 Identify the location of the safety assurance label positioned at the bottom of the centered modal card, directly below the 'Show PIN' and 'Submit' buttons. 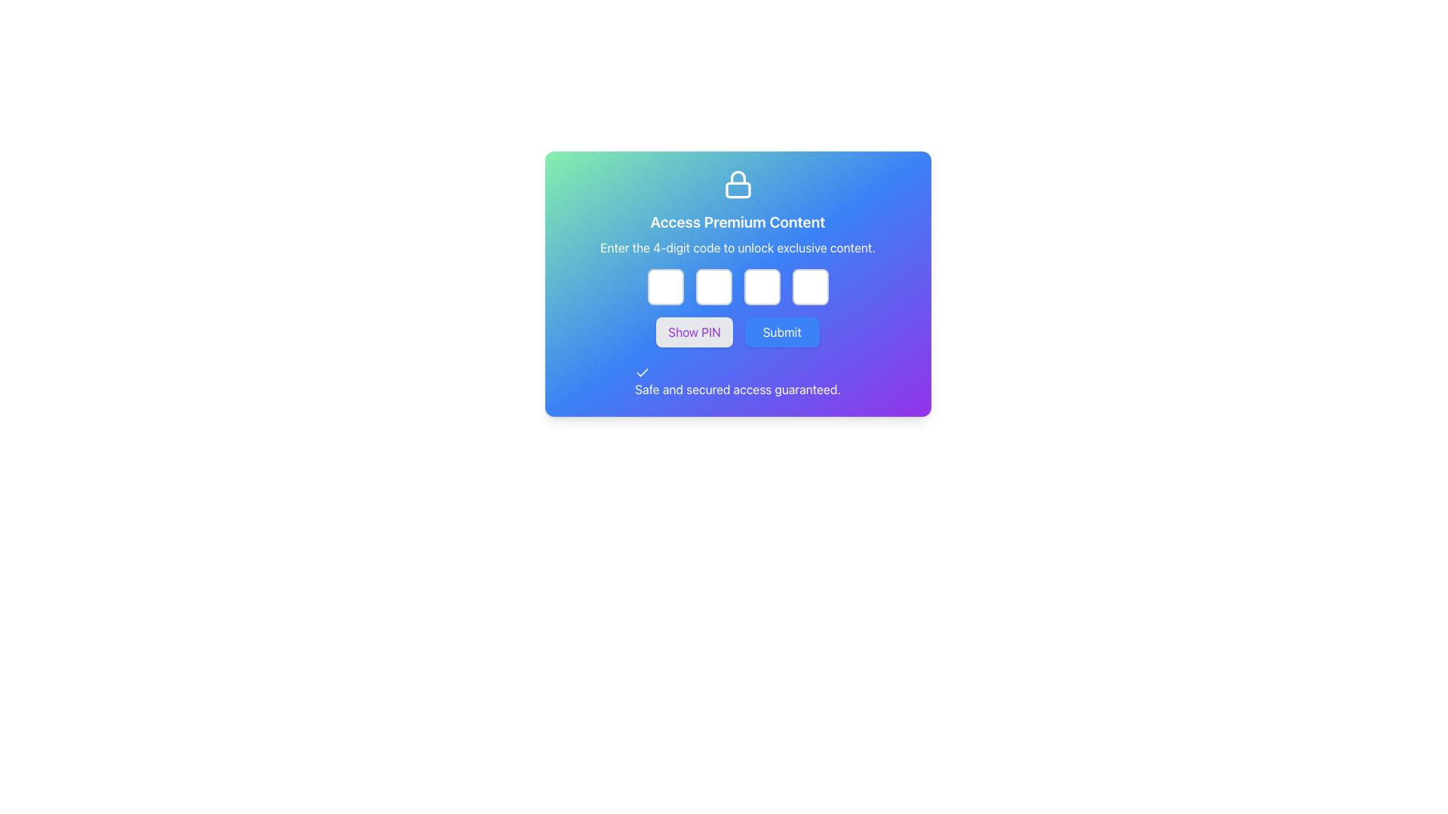
(738, 381).